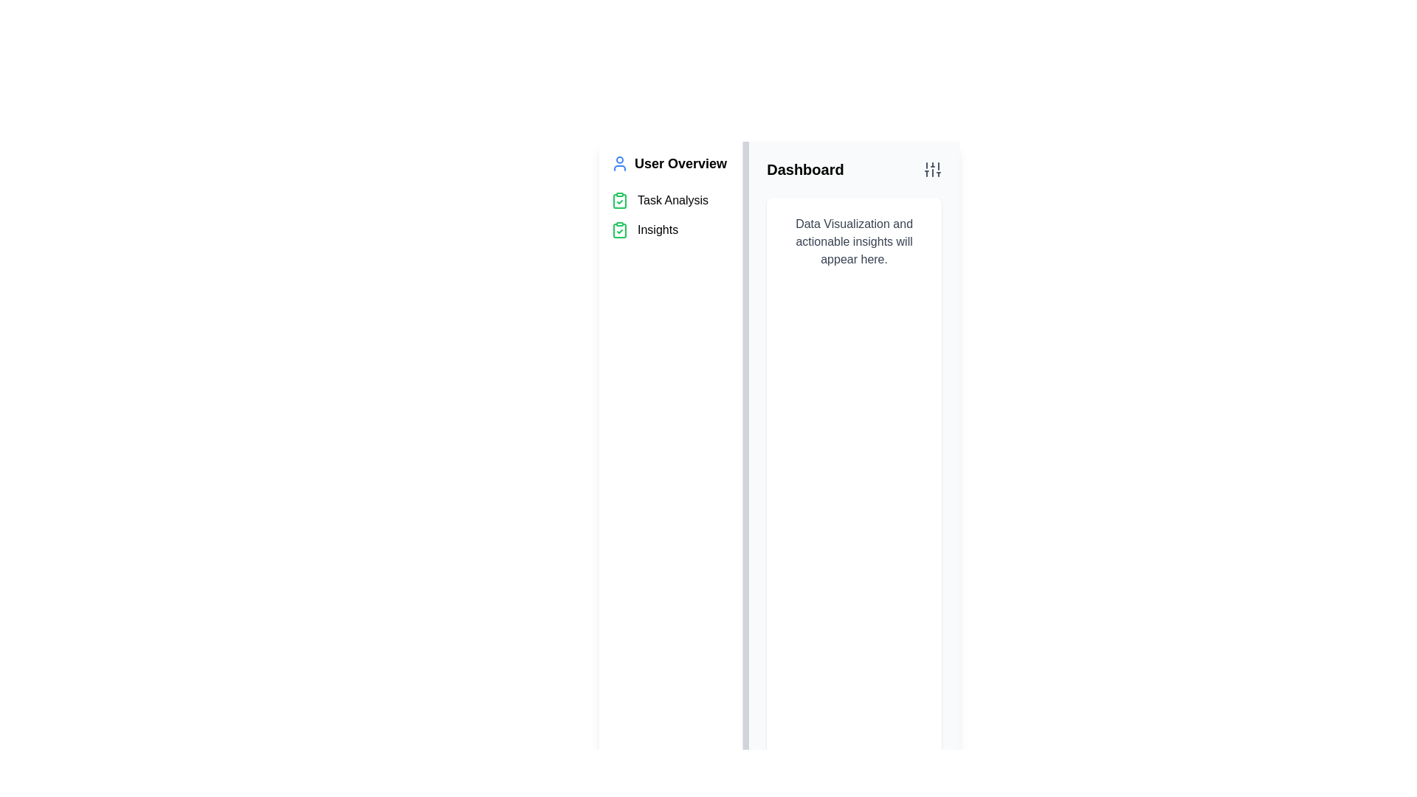 The height and width of the screenshot is (797, 1417). Describe the element at coordinates (620, 164) in the screenshot. I see `the user avatar icon with a blue outline located on the left side of the 'User Overview' text` at that location.